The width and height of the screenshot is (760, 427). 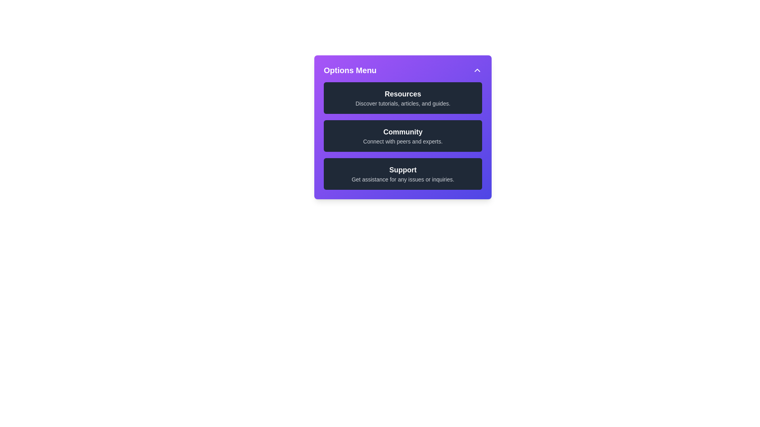 What do you see at coordinates (403, 97) in the screenshot?
I see `the list item labeled Resources to select it` at bounding box center [403, 97].